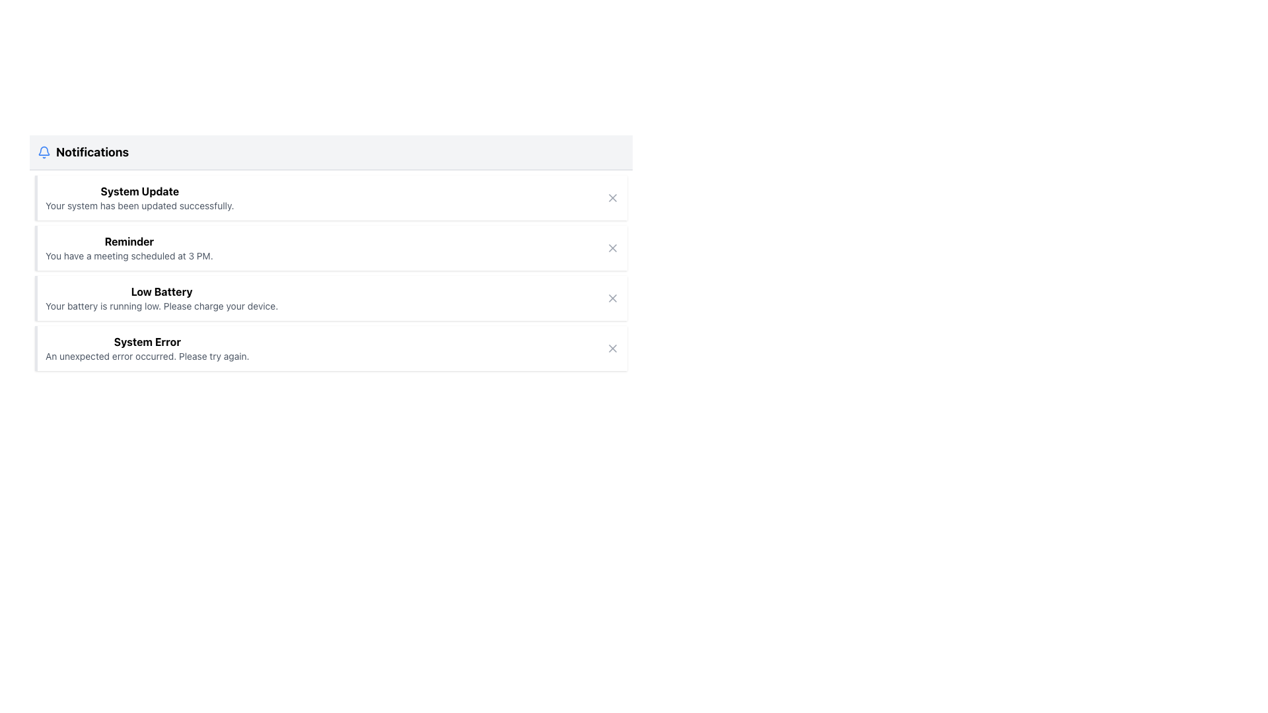 The image size is (1268, 713). What do you see at coordinates (612, 198) in the screenshot?
I see `the Close button icon (X) located at the far right of the 'System Update' notification` at bounding box center [612, 198].